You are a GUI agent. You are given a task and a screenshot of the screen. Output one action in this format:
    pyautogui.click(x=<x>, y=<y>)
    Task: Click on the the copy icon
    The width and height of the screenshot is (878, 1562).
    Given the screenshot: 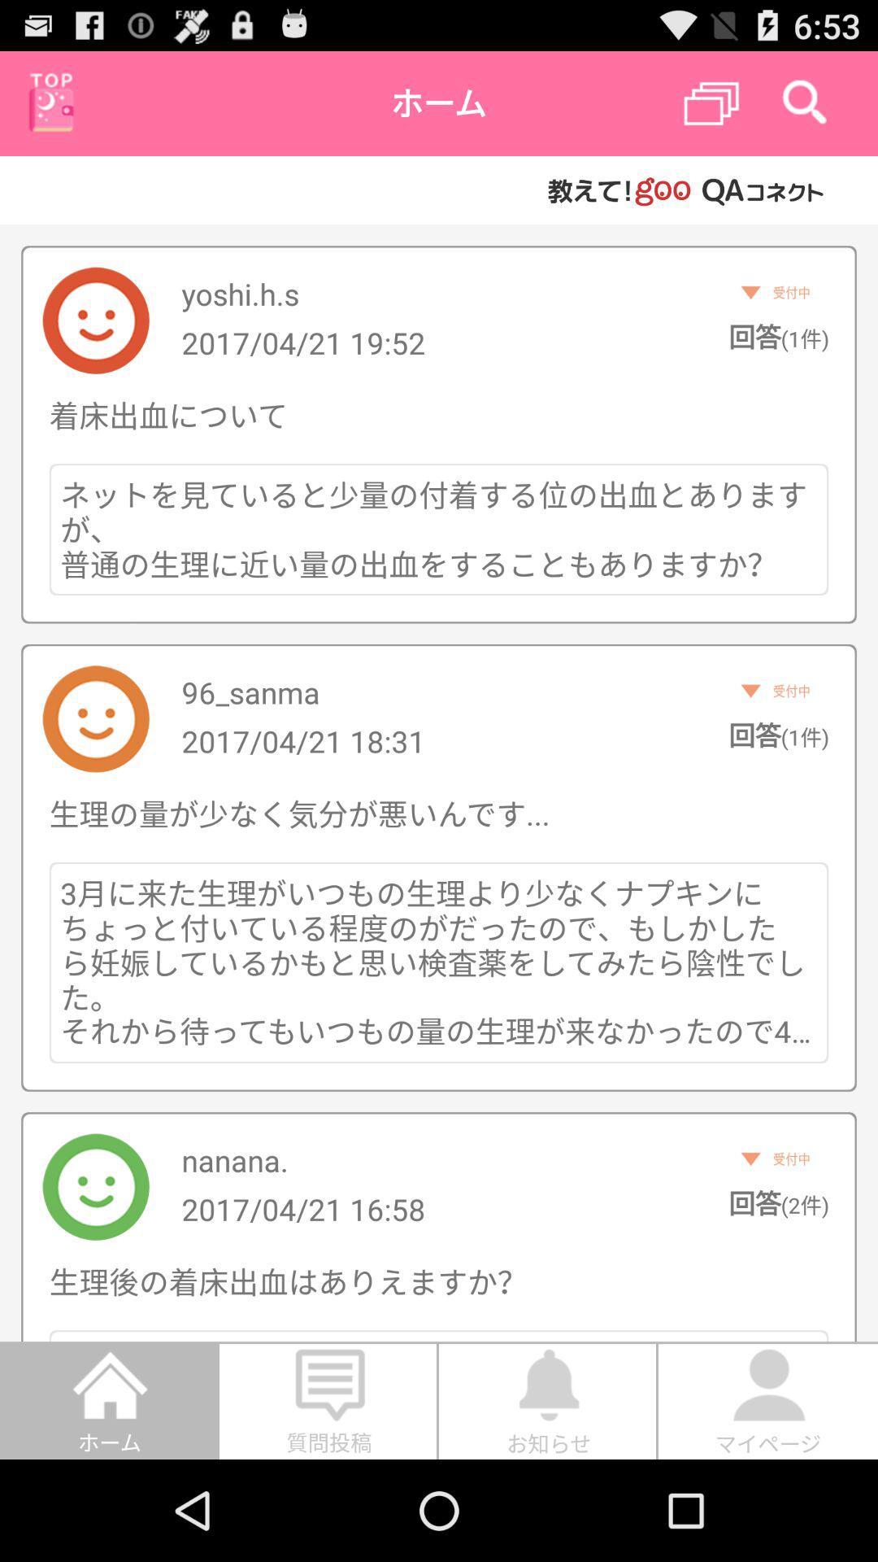 What is the action you would take?
    pyautogui.click(x=711, y=110)
    